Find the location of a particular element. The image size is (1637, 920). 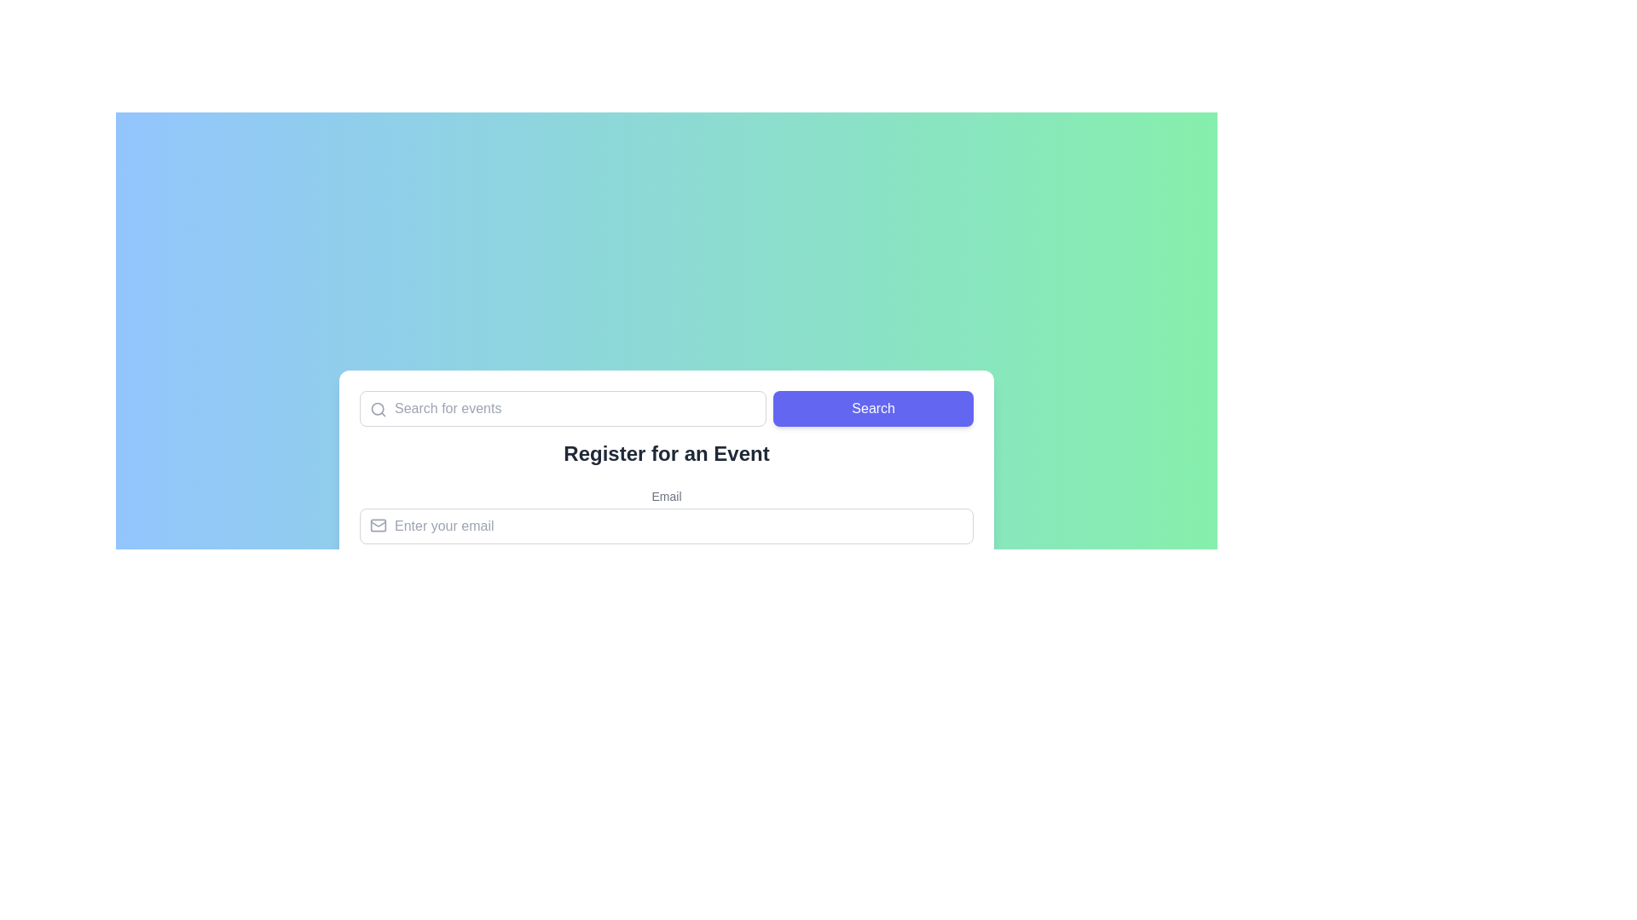

the label displaying 'Email' in a small, gray, sans-serif font, which is positioned above an input field is located at coordinates (666, 496).